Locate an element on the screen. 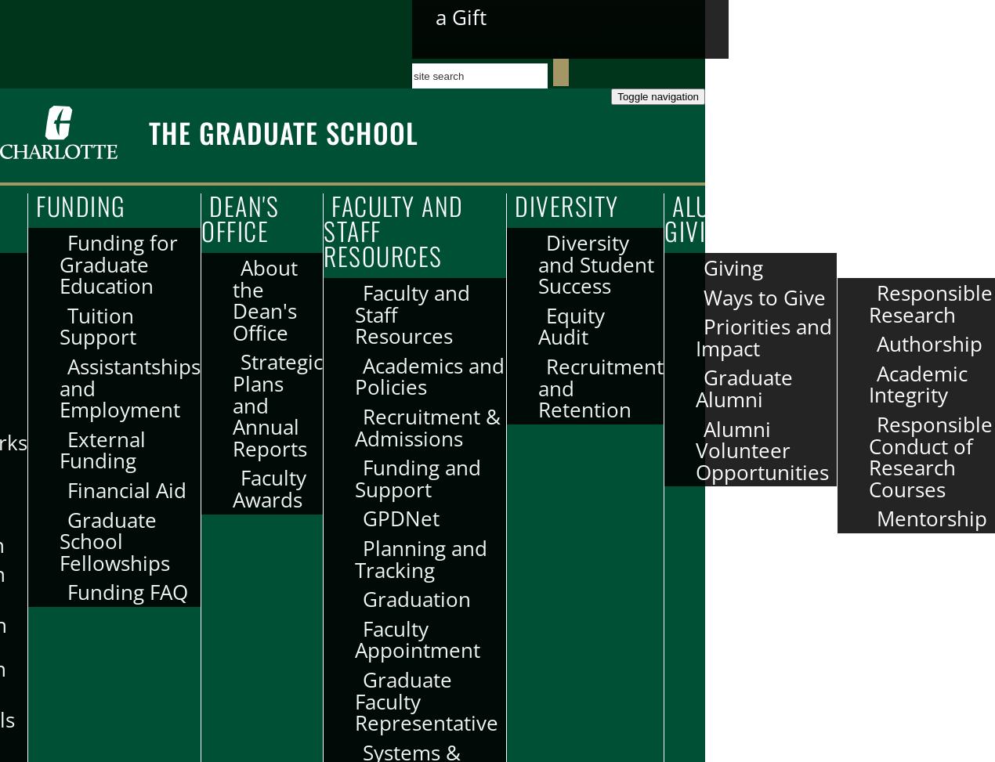 The height and width of the screenshot is (762, 995). 'Authorship' is located at coordinates (928, 344).